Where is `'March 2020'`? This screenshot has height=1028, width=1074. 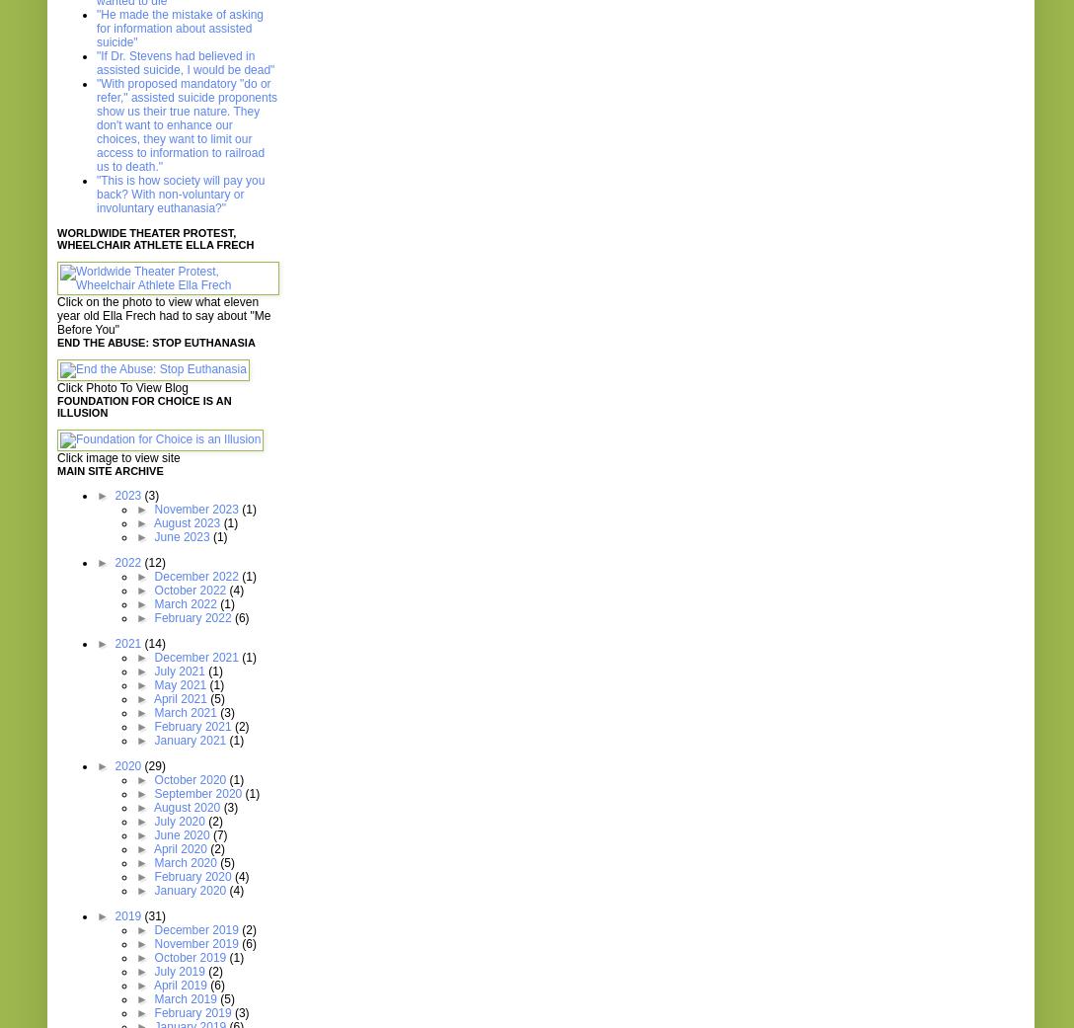
'March 2020' is located at coordinates (186, 862).